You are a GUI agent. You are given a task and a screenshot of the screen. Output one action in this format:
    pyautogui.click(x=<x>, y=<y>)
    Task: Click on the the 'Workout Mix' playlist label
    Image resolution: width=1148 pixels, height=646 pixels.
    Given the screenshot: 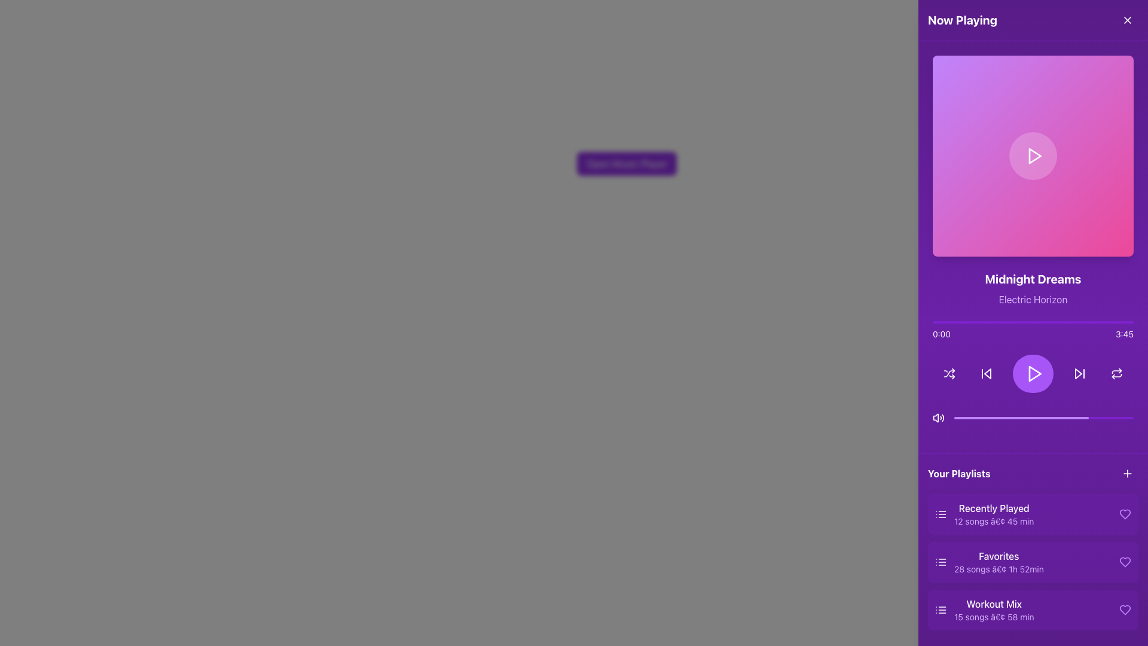 What is the action you would take?
    pyautogui.click(x=994, y=610)
    